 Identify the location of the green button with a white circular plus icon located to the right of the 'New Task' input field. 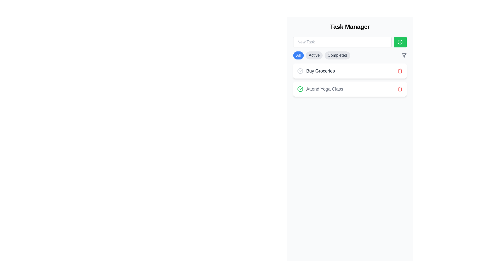
(400, 42).